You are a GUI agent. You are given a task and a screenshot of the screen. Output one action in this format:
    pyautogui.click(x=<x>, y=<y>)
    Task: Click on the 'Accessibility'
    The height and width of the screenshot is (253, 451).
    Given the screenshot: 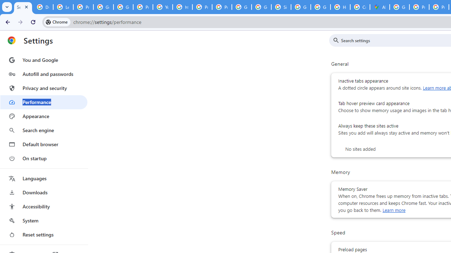 What is the action you would take?
    pyautogui.click(x=43, y=206)
    